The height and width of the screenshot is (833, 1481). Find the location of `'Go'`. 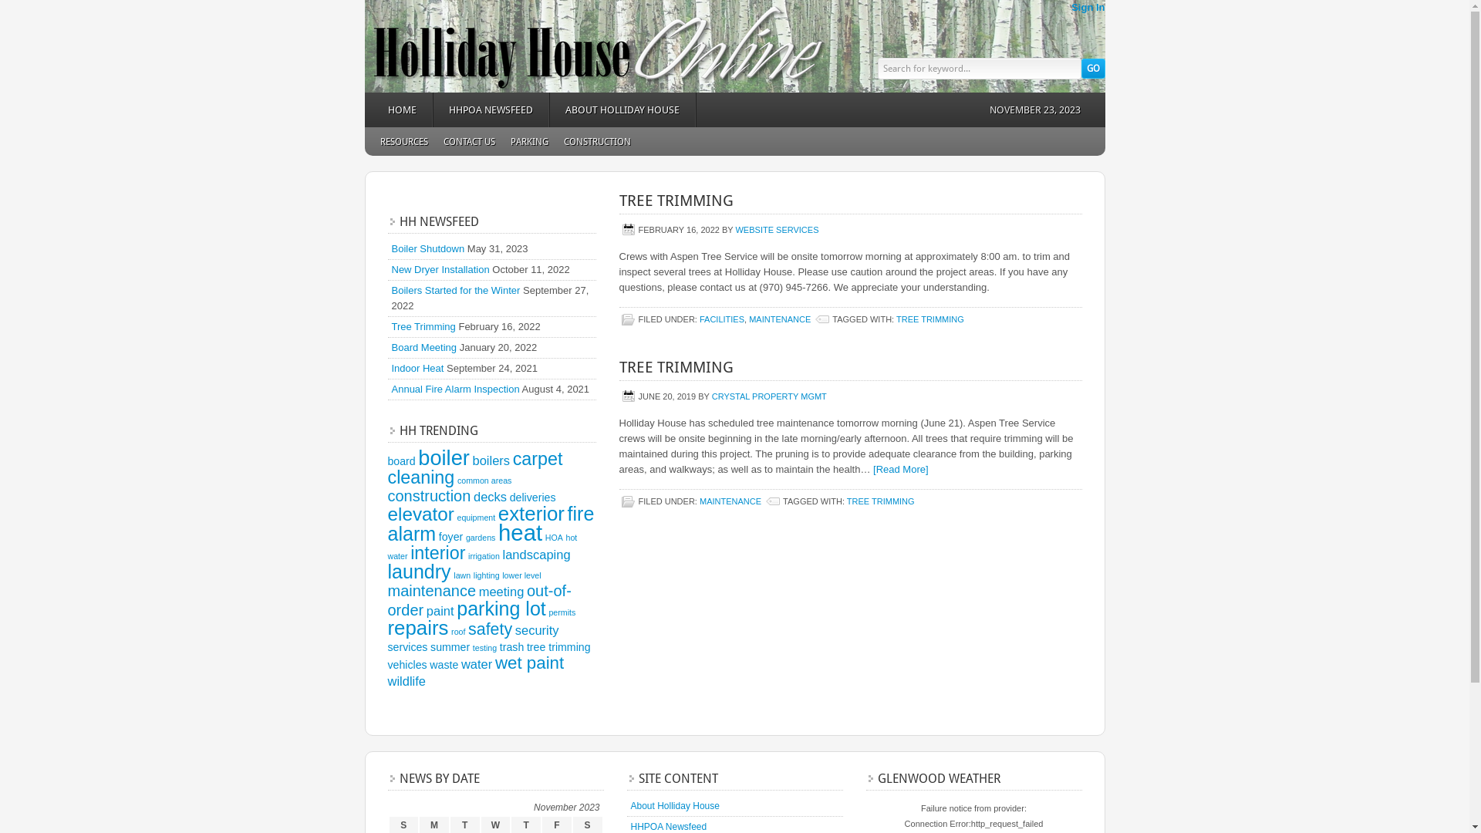

'Go' is located at coordinates (1092, 67).